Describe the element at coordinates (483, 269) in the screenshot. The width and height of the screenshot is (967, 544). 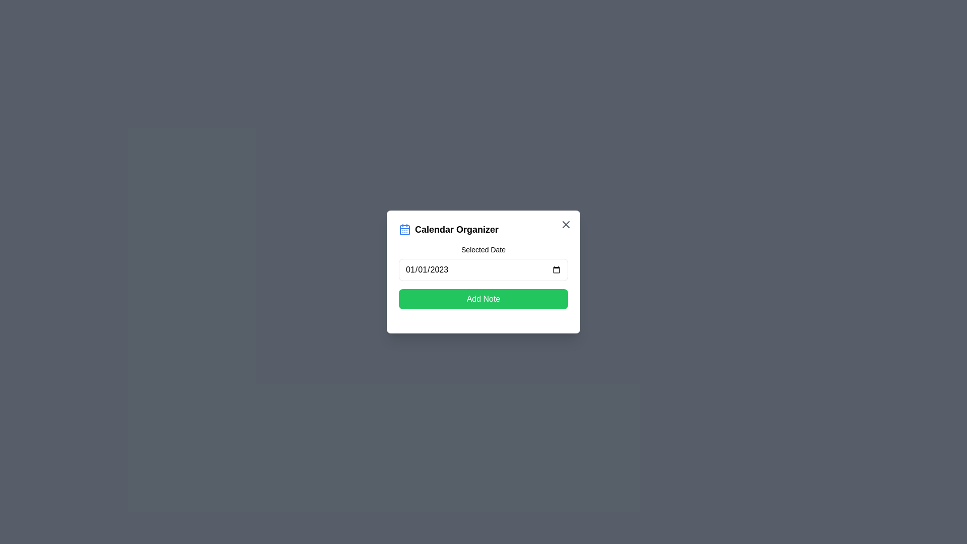
I see `the date input field to open the date picker` at that location.